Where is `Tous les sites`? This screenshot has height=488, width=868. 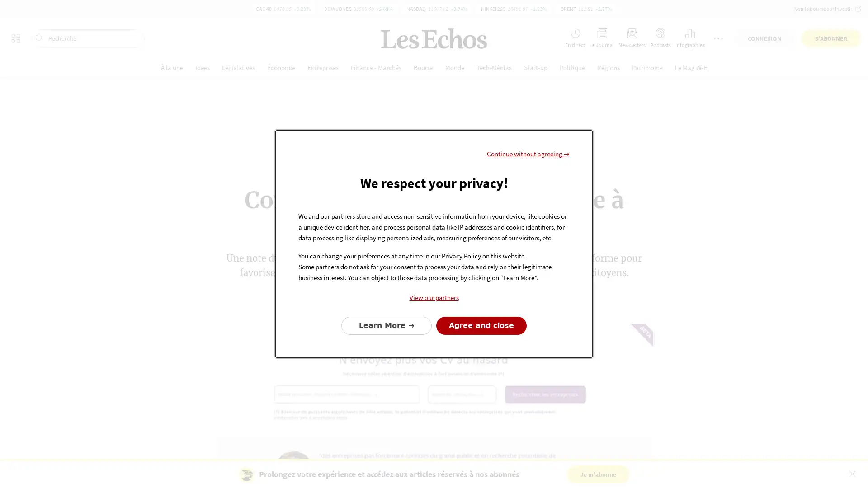
Tous les sites is located at coordinates (15, 12).